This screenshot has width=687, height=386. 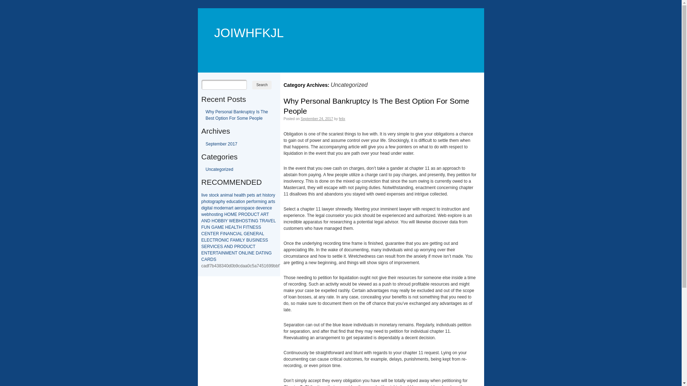 I want to click on 'L', so click(x=235, y=227).